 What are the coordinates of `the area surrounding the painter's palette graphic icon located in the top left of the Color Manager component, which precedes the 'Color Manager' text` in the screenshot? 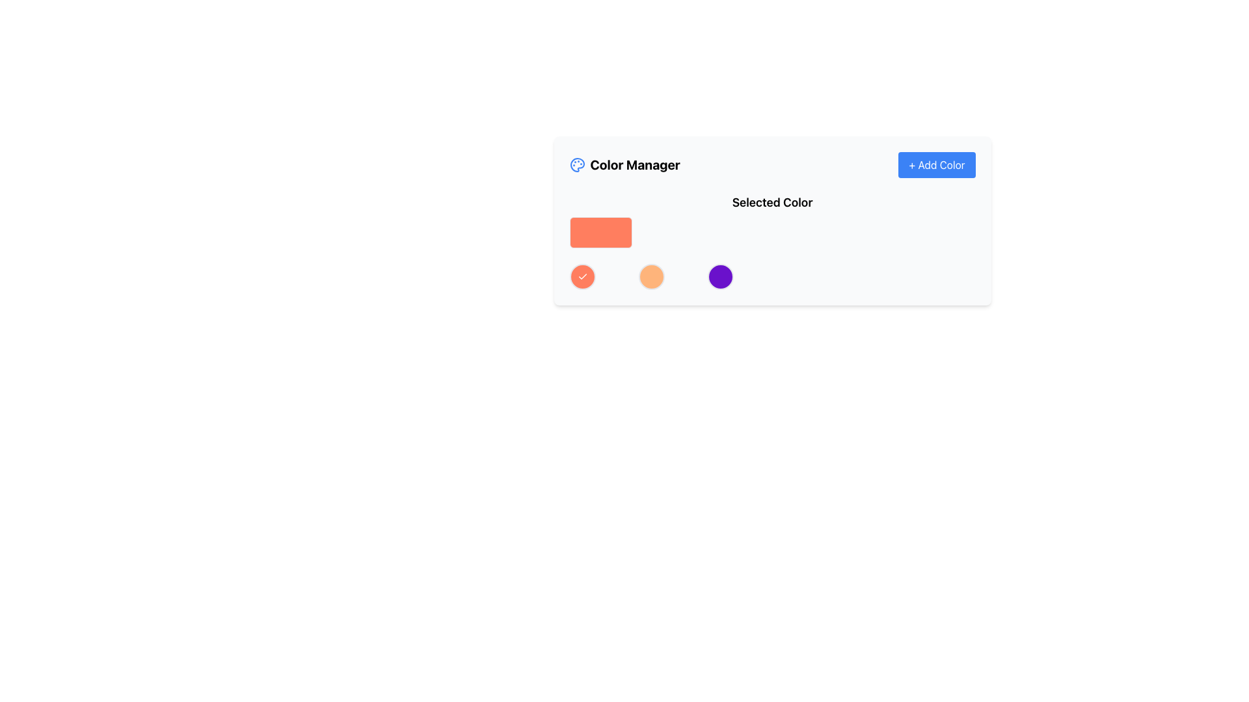 It's located at (576, 164).